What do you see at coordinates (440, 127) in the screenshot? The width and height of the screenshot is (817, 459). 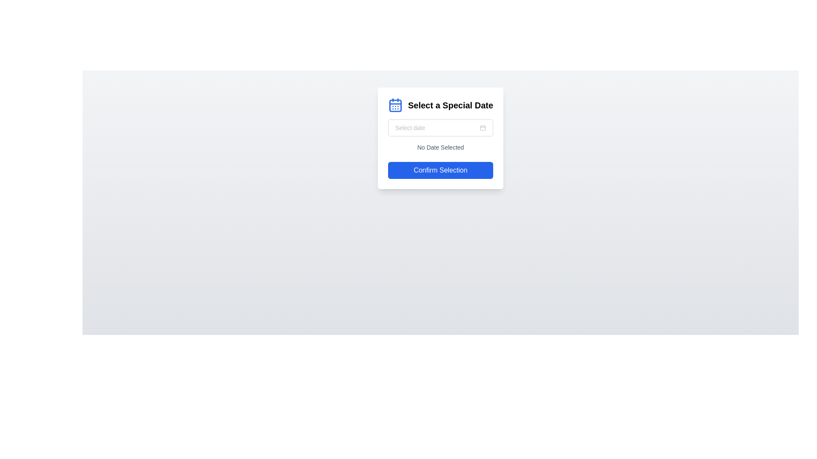 I see `the Date Picker Input located below the header 'Select a Special Date' to type or choose a date` at bounding box center [440, 127].